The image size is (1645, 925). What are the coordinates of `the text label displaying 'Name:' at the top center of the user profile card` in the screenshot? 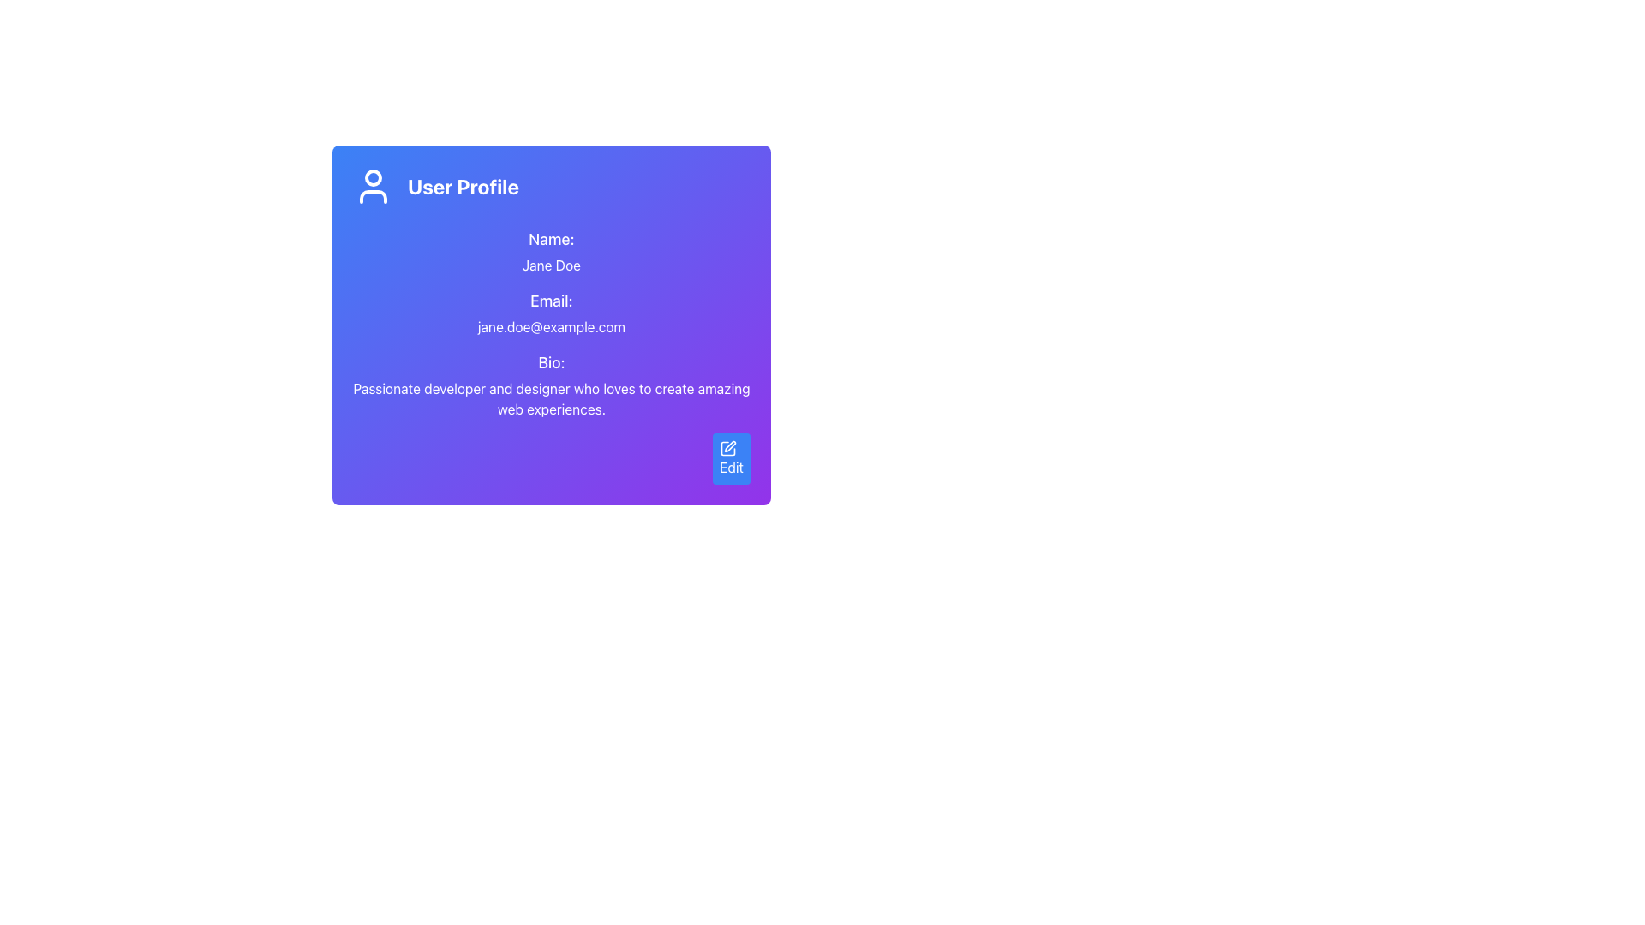 It's located at (551, 240).